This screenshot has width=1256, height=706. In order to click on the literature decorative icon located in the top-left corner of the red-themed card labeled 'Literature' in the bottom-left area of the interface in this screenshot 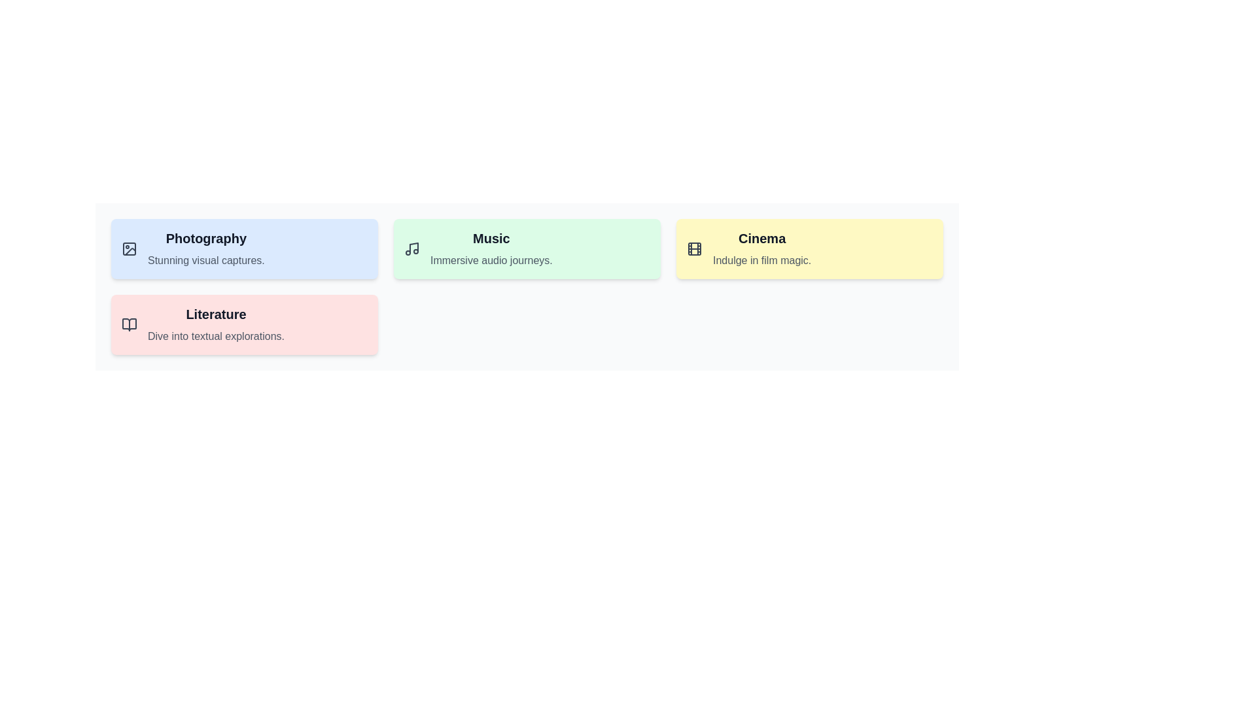, I will do `click(129, 324)`.